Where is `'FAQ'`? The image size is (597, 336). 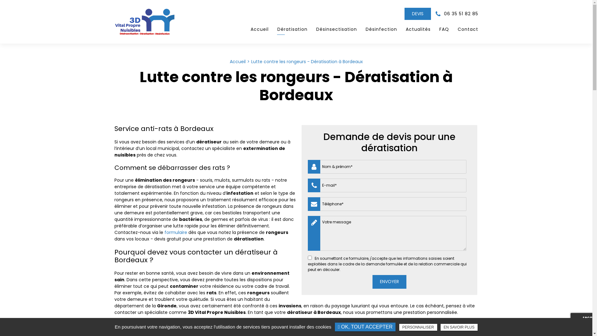 'FAQ' is located at coordinates (434, 29).